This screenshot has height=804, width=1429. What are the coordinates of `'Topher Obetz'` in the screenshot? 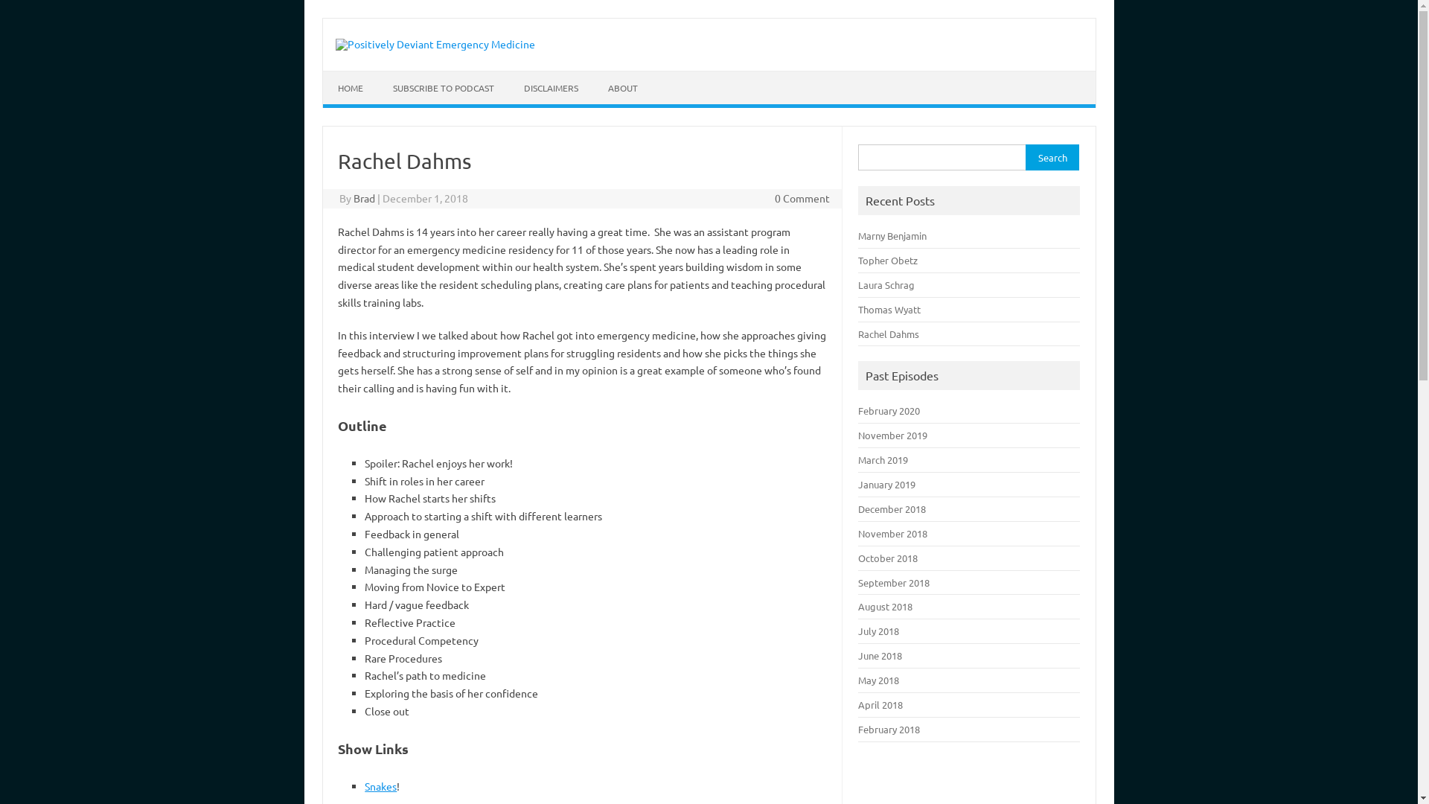 It's located at (888, 259).